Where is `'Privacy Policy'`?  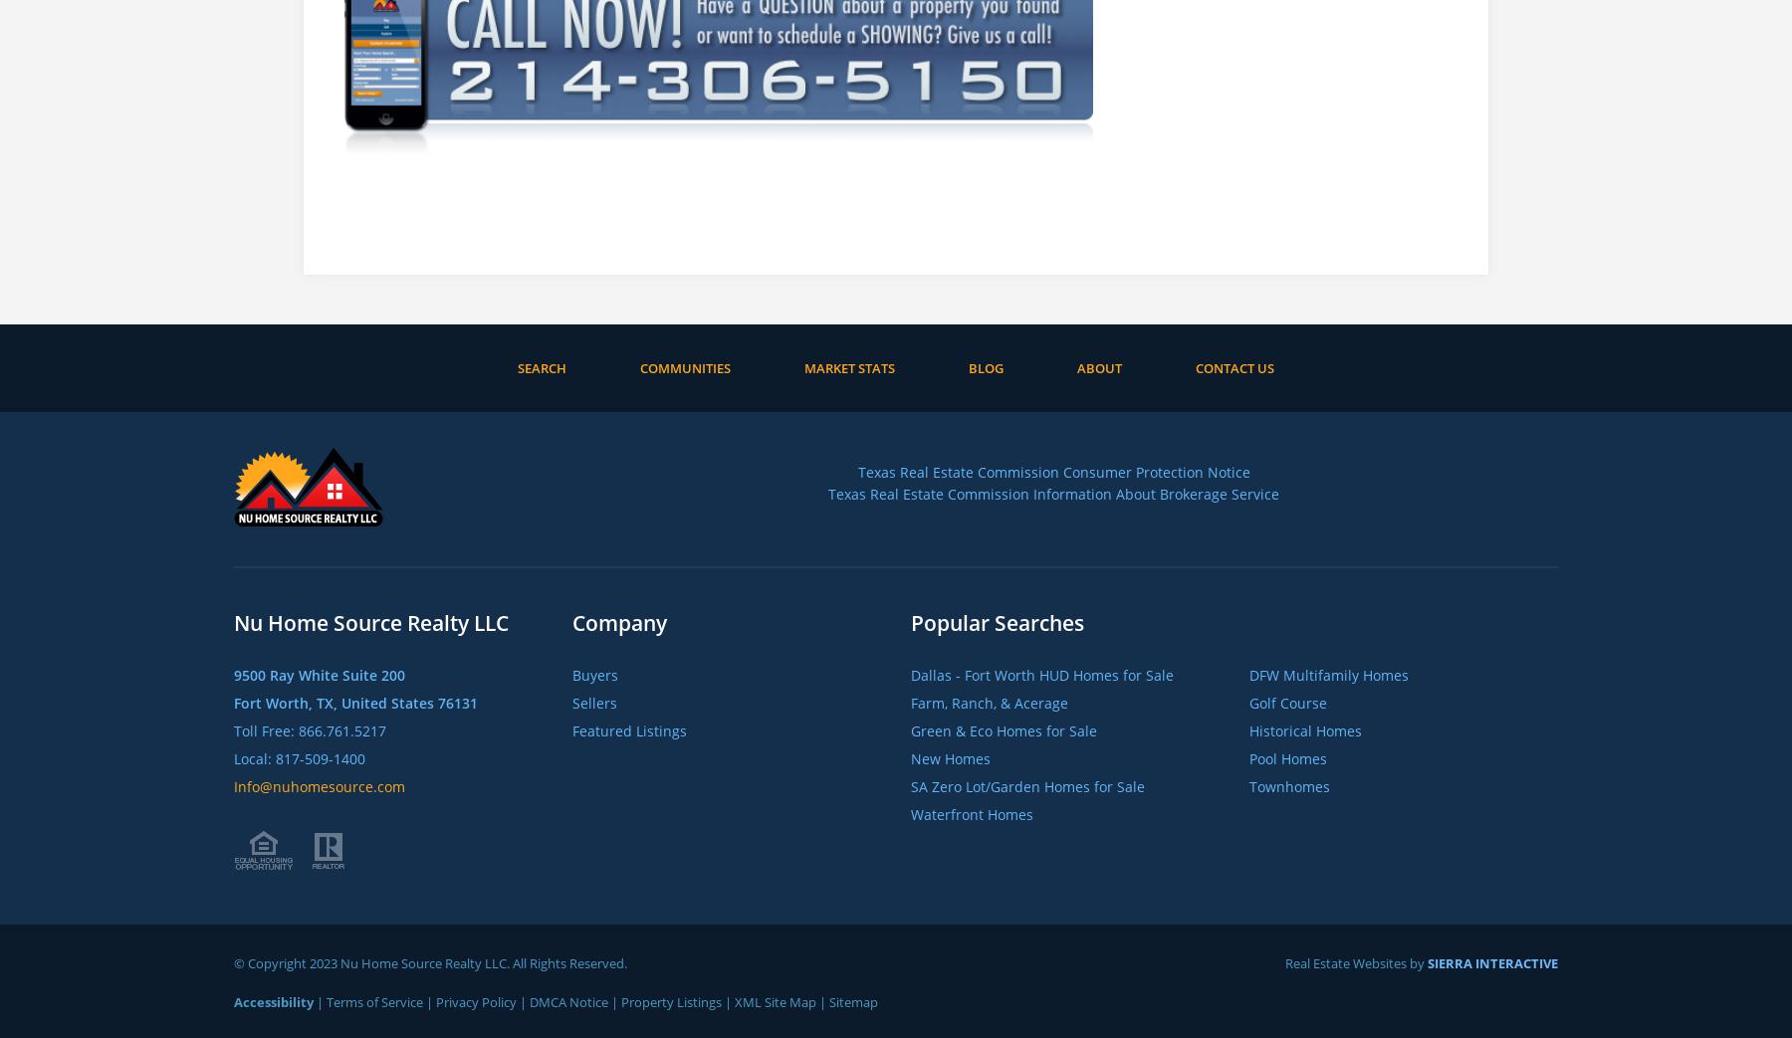
'Privacy Policy' is located at coordinates (475, 1000).